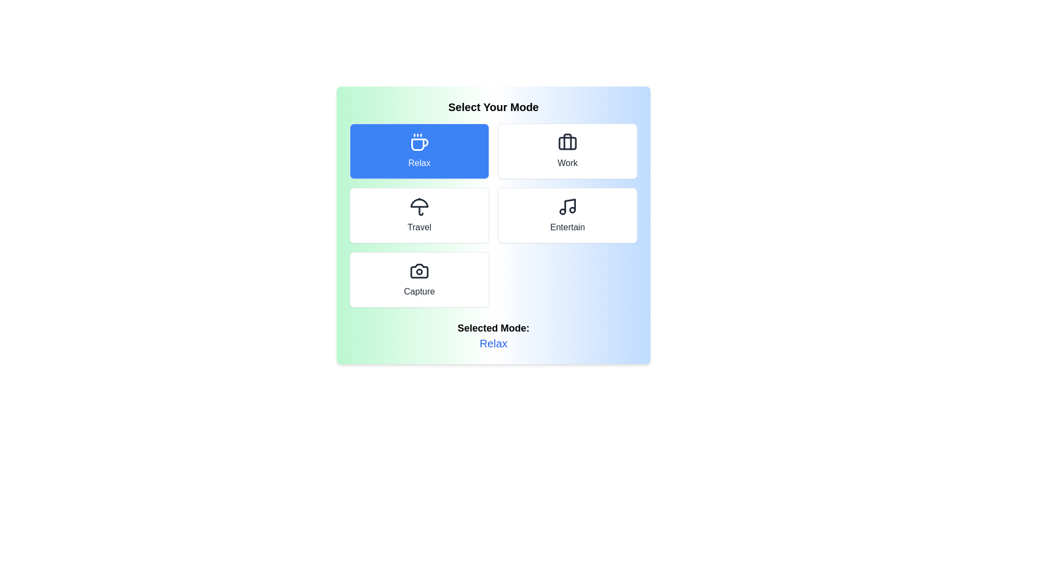 The image size is (1046, 588). I want to click on the mode button corresponding to Capture, so click(418, 279).